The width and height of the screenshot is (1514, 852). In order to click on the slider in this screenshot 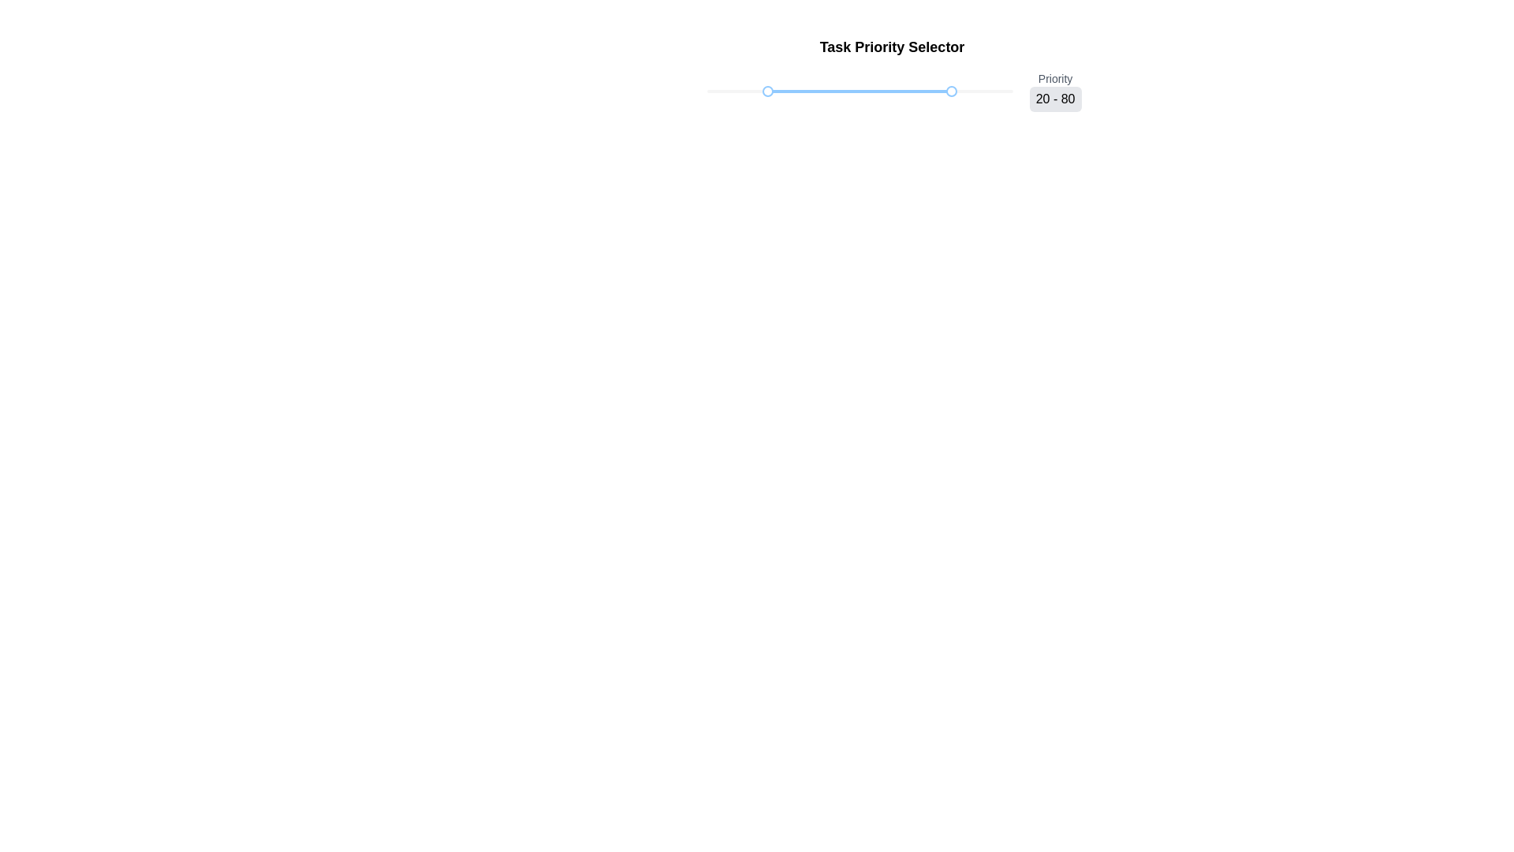, I will do `click(729, 91)`.